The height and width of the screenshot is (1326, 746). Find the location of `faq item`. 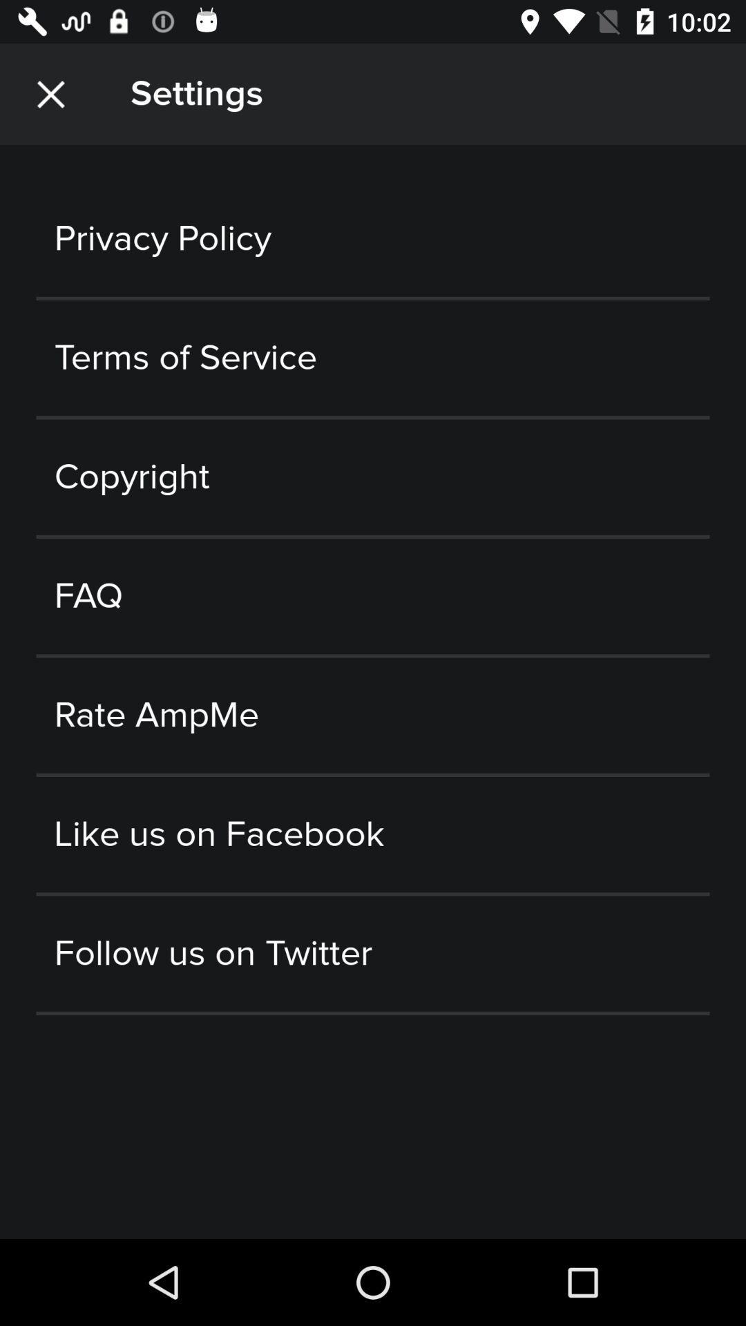

faq item is located at coordinates (373, 596).